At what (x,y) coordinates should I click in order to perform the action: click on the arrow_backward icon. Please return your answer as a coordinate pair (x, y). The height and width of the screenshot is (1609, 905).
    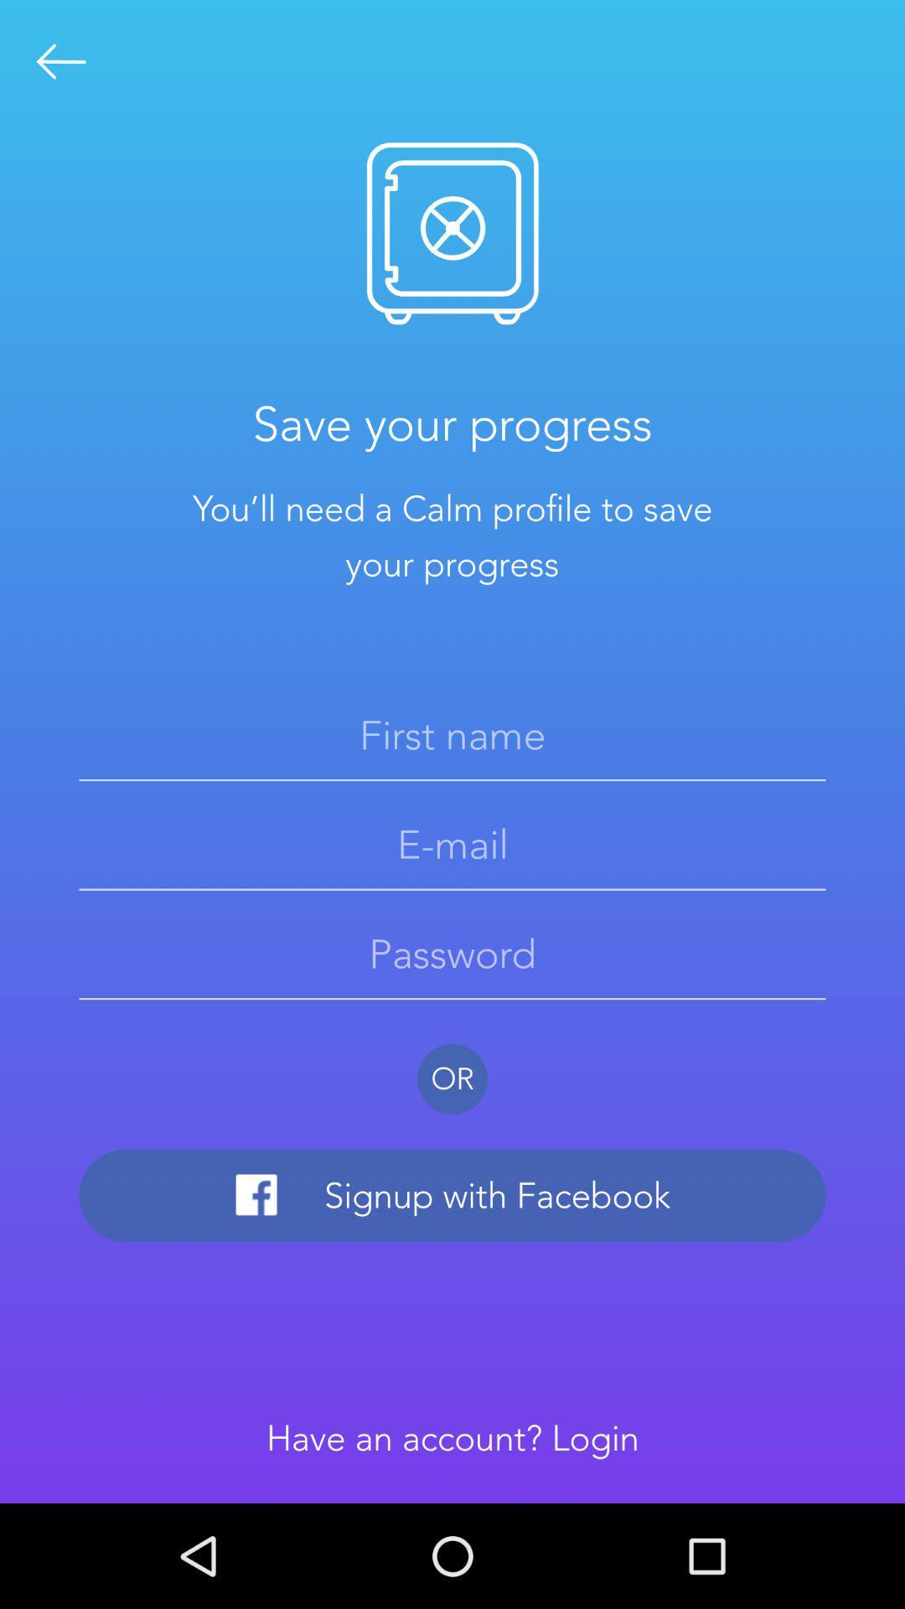
    Looking at the image, I should click on (60, 61).